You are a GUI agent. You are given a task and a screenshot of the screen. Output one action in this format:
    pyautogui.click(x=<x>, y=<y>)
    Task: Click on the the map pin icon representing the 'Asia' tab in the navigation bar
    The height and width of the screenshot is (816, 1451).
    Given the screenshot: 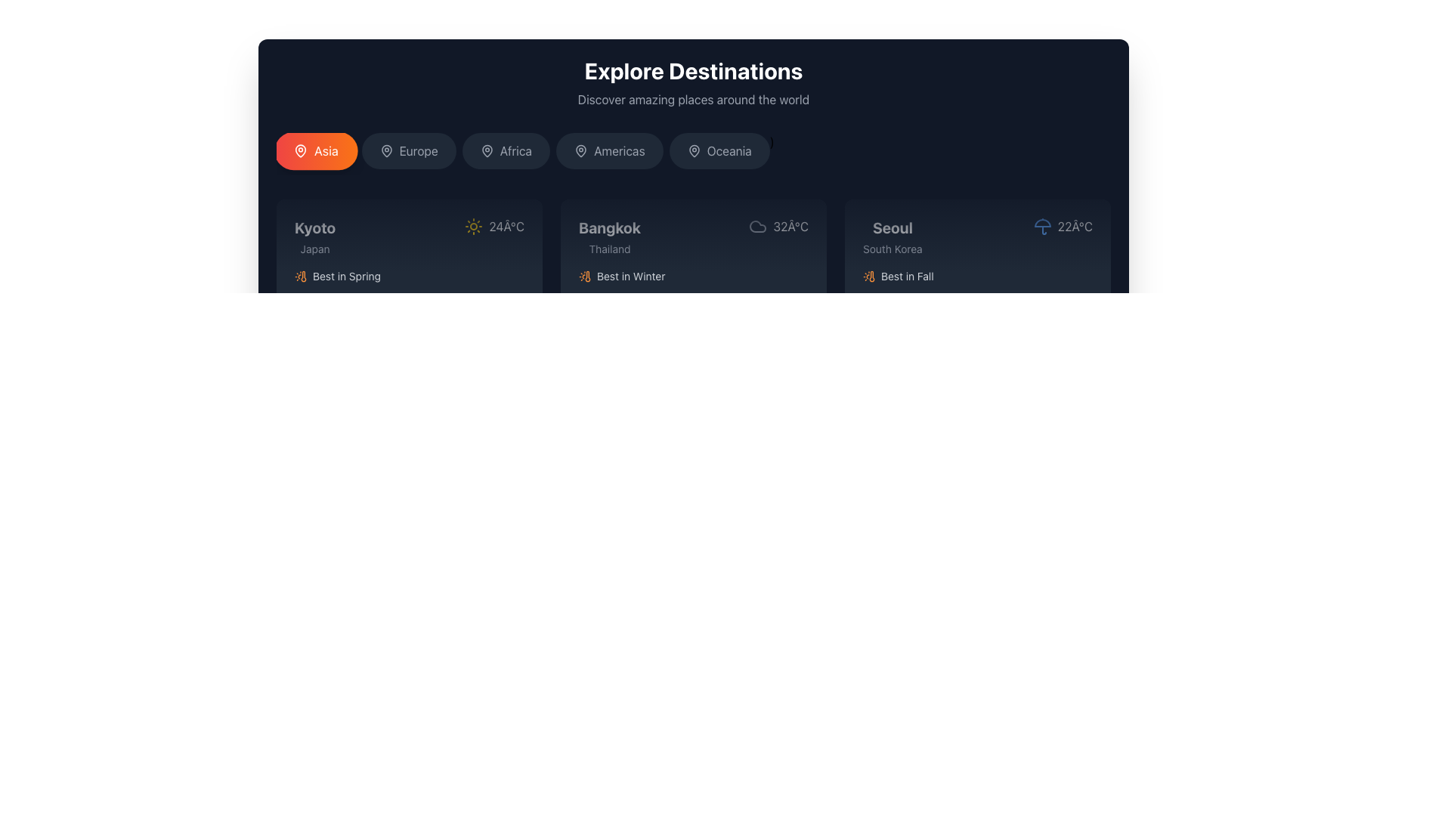 What is the action you would take?
    pyautogui.click(x=301, y=151)
    